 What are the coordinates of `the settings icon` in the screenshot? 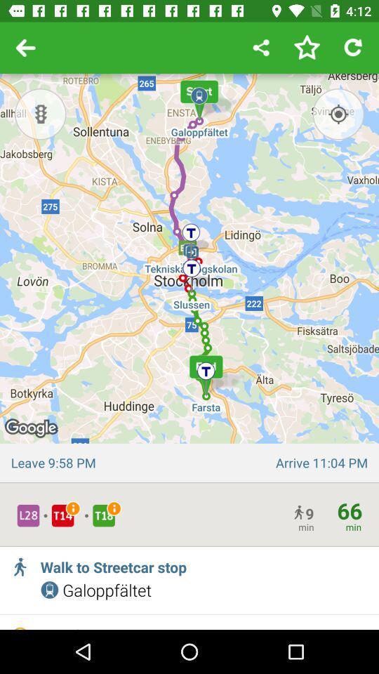 It's located at (40, 113).